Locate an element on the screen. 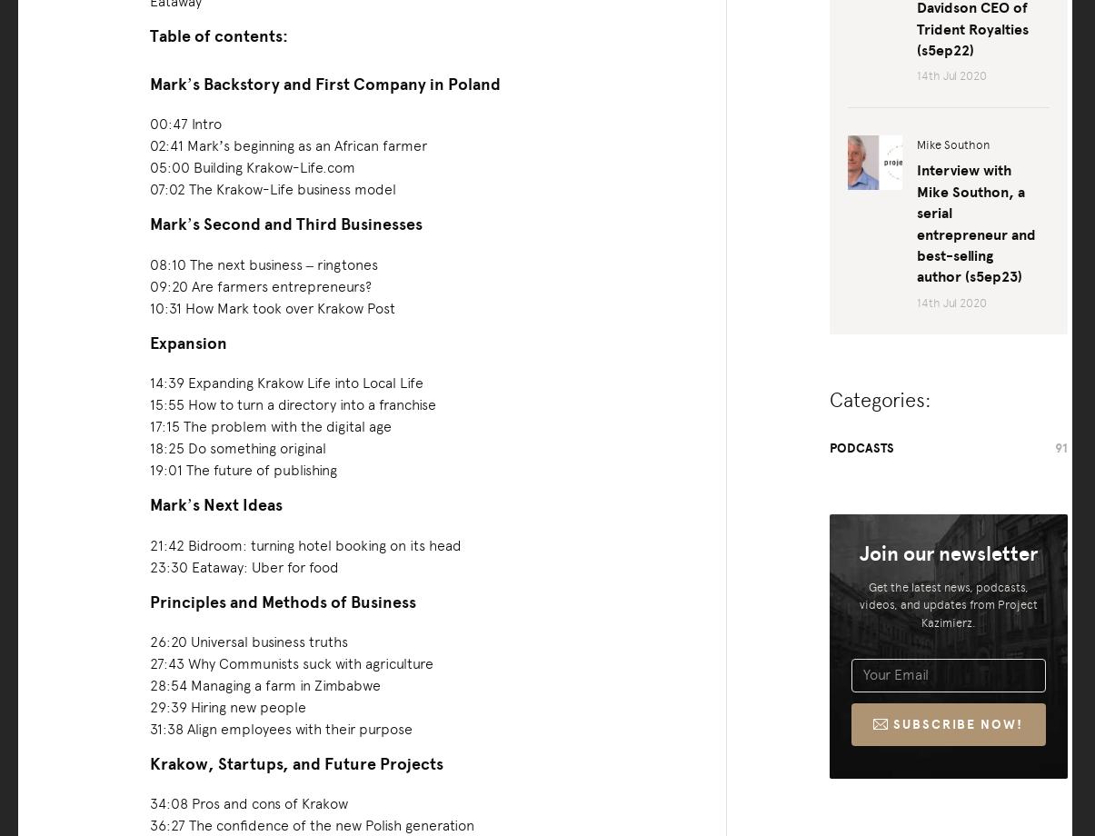 This screenshot has height=836, width=1095. '05:00 Building Krakow-Life.com' is located at coordinates (251, 166).